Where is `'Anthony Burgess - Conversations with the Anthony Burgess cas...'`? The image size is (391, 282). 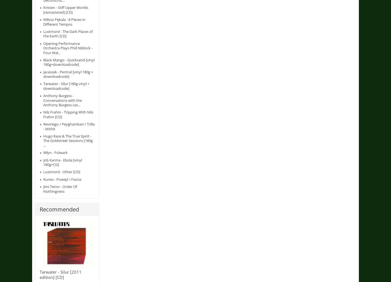
'Anthony Burgess - Conversations with the Anthony Burgess cas...' is located at coordinates (63, 100).